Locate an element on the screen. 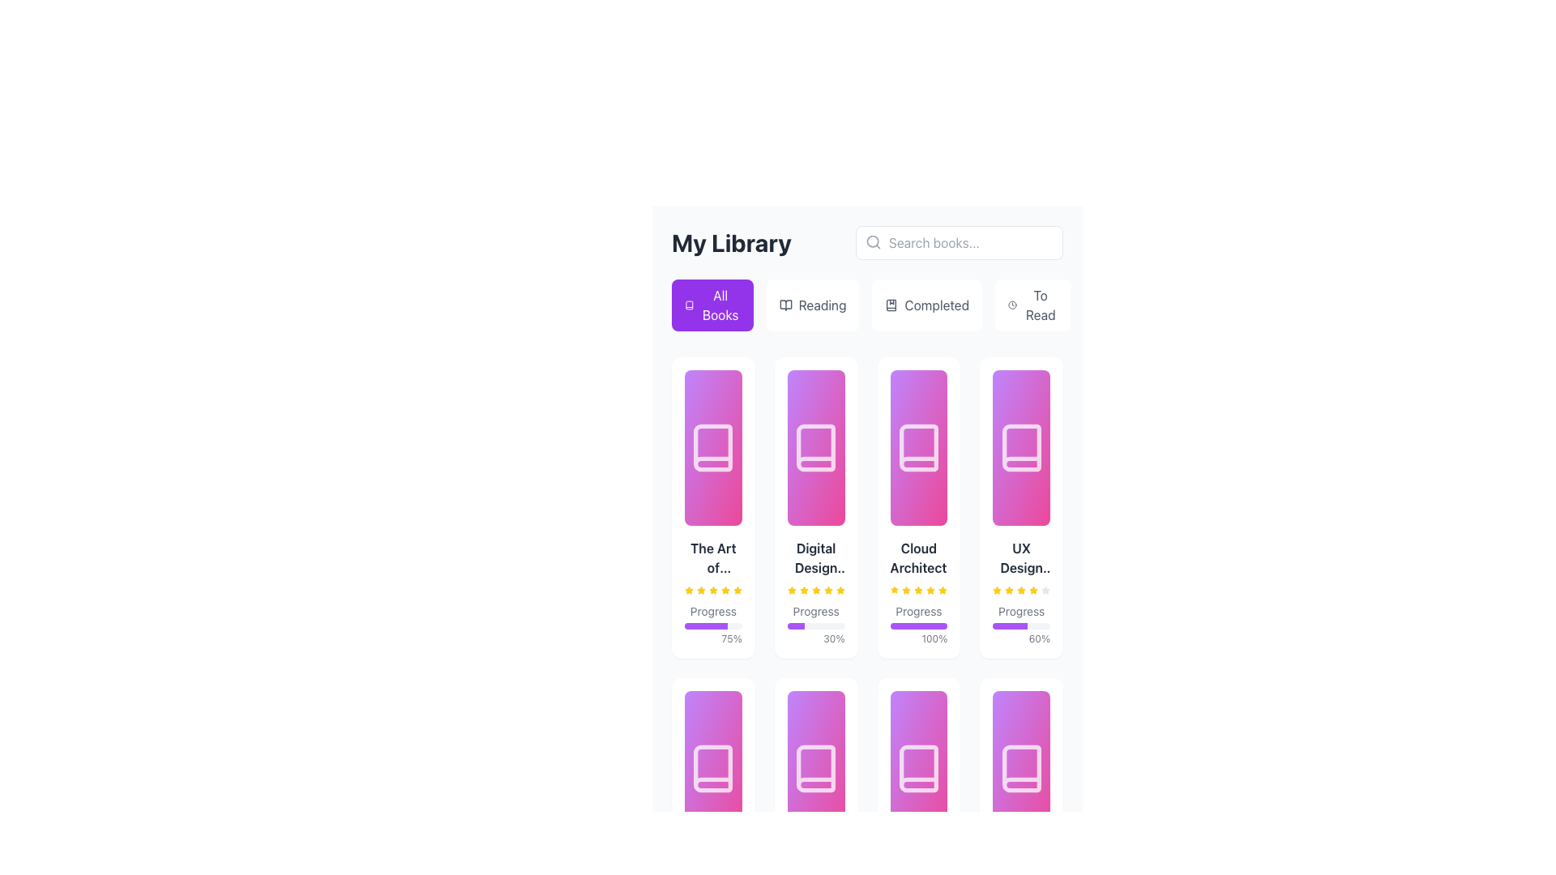 This screenshot has width=1556, height=875. the third yellow filled star icon is located at coordinates (1008, 591).